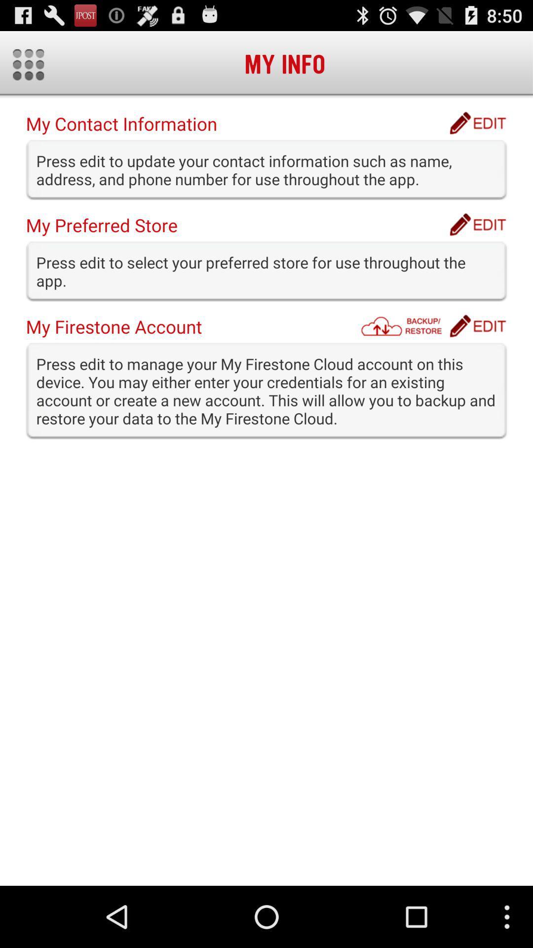  What do you see at coordinates (28, 64) in the screenshot?
I see `toggles options` at bounding box center [28, 64].